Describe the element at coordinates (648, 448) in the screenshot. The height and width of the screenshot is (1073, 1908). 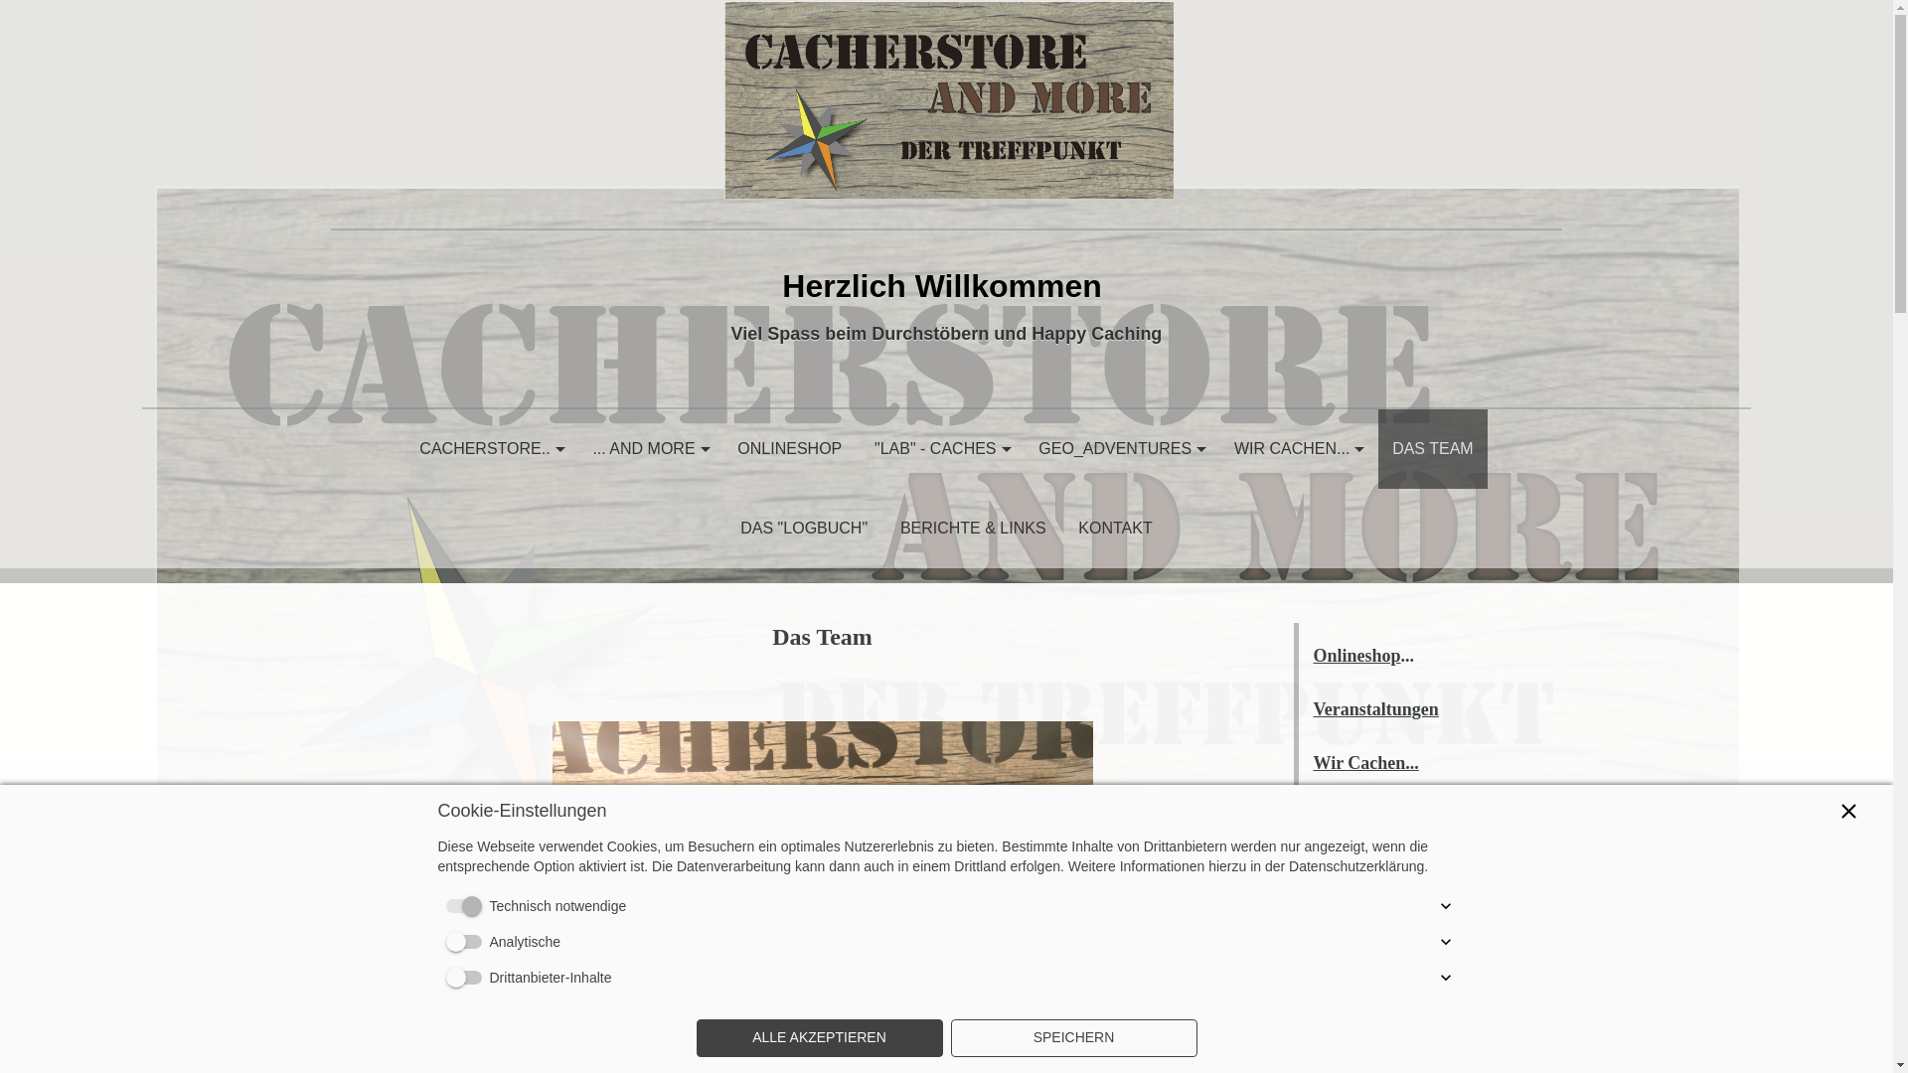
I see `'... AND MORE'` at that location.